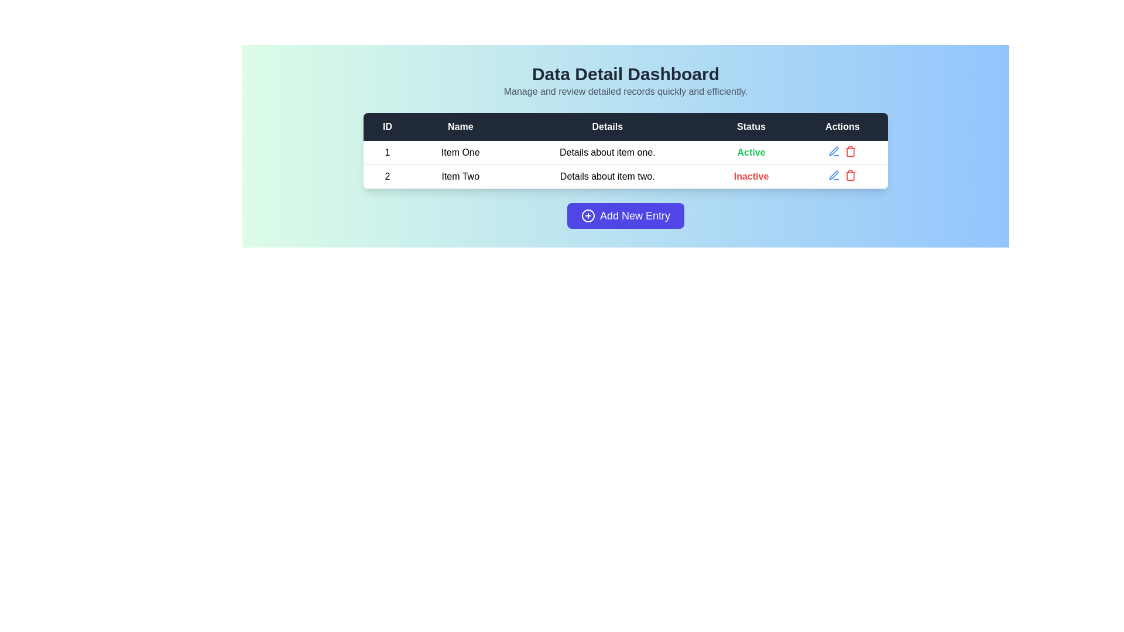  I want to click on the static text label in the second column of the first row under the 'Name' header in the table structure, so click(460, 152).